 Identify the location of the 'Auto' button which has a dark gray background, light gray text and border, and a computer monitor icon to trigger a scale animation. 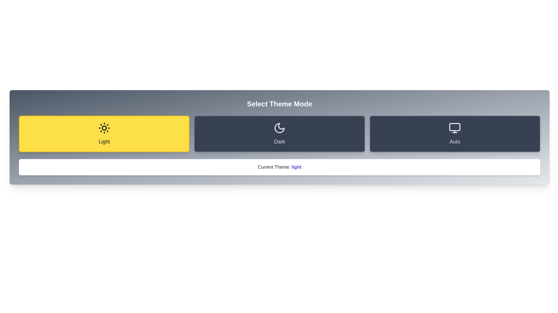
(455, 134).